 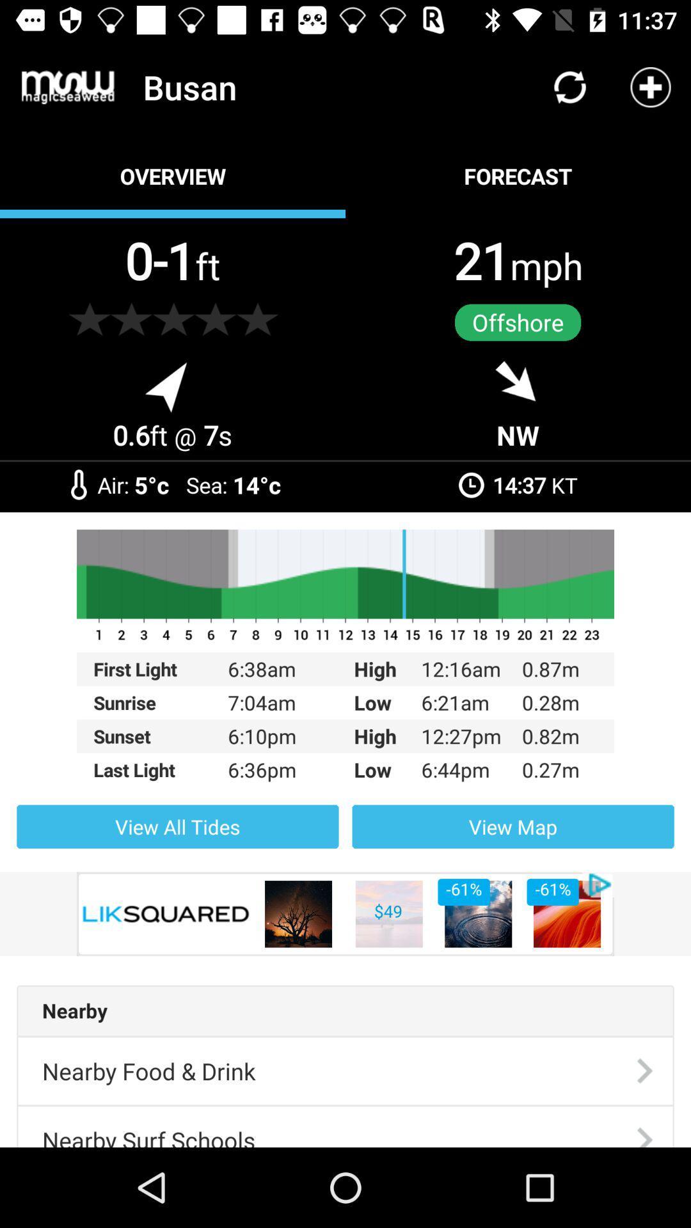 What do you see at coordinates (535, 484) in the screenshot?
I see `the 14:37 kt item` at bounding box center [535, 484].